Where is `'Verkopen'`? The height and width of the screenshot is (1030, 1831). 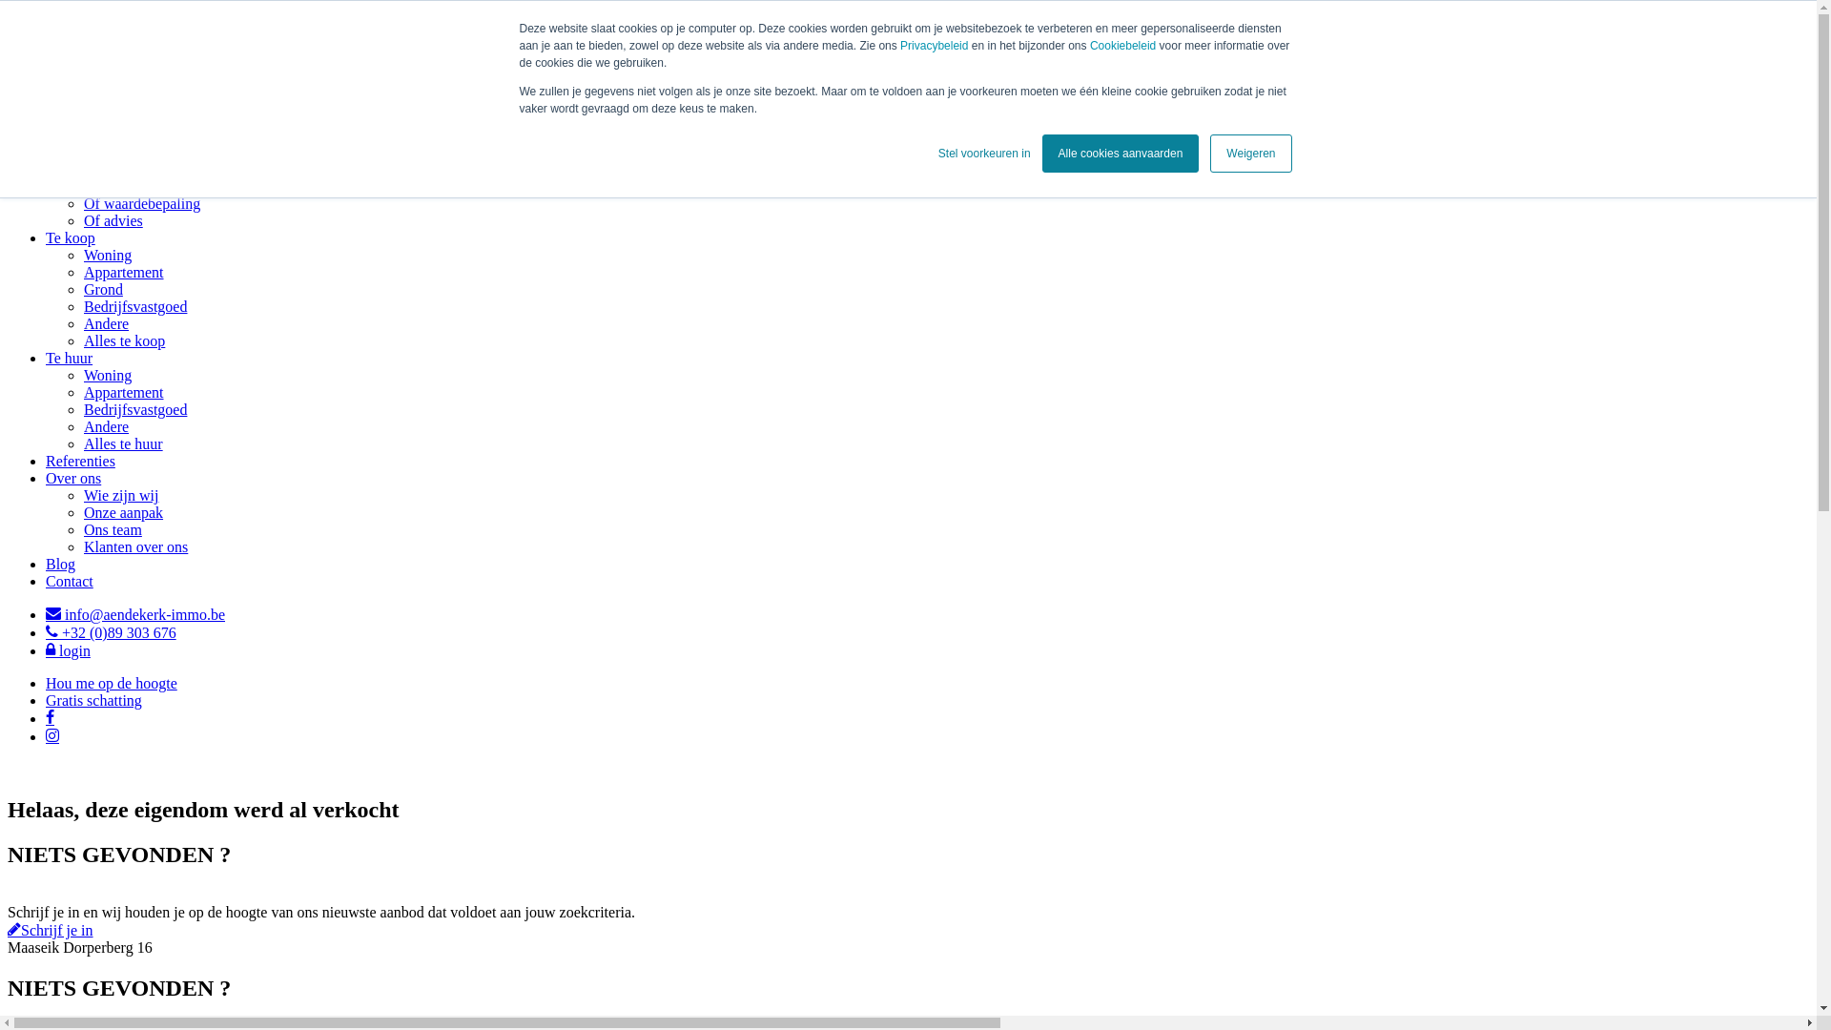
'Verkopen' is located at coordinates (74, 151).